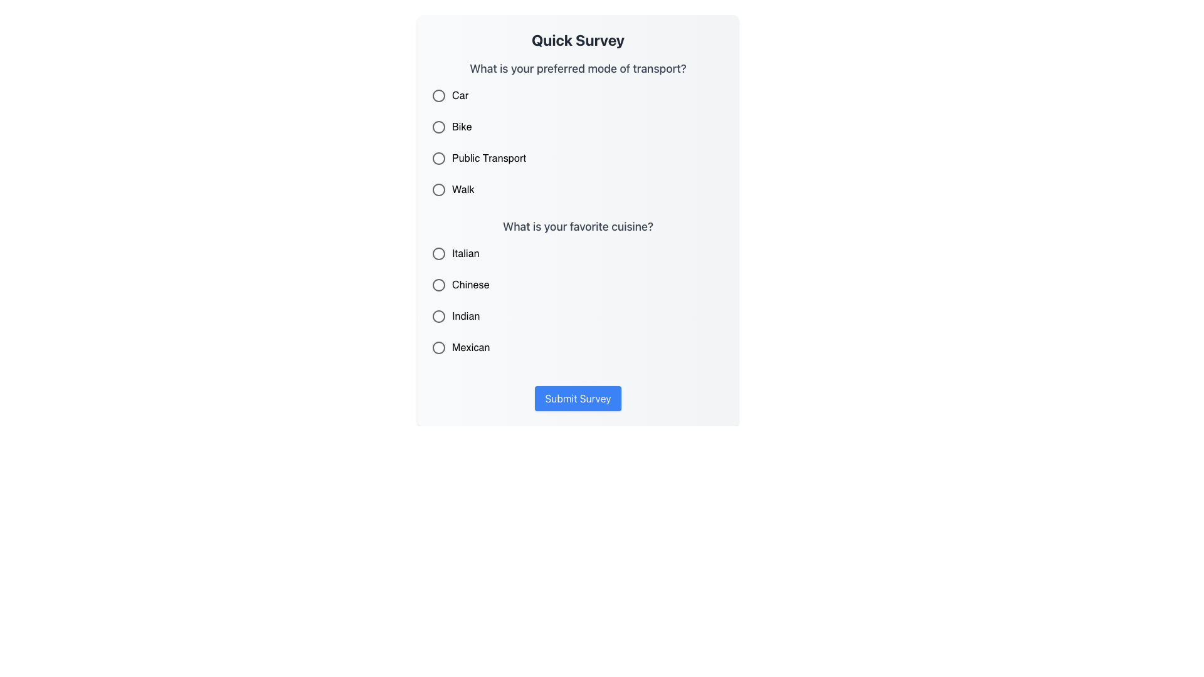  I want to click on title text of the survey, which is the first element in the rounded rectangle panel with a light gradient background, positioned above the question about preferred mode of transport, so click(577, 39).